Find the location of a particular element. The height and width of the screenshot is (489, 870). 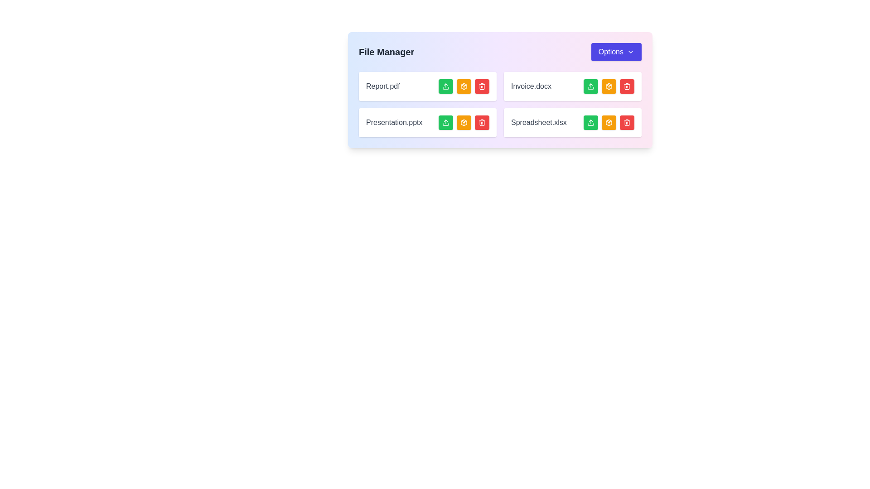

the delete action button located to the right of the label 'Spreadsheet.xlsx' is located at coordinates (626, 122).